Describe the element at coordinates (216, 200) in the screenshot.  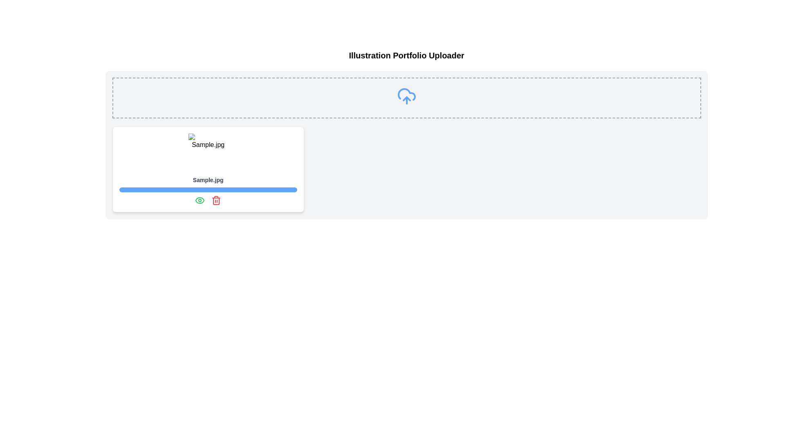
I see `the small red trash icon button` at that location.